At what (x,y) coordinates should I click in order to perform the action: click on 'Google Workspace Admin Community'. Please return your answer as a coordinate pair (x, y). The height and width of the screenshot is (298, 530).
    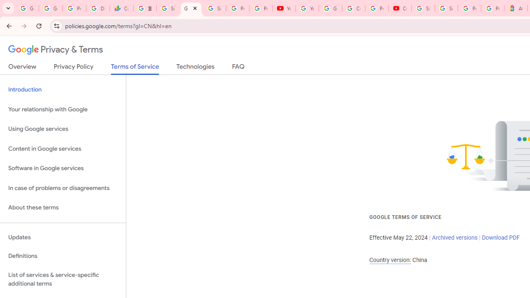
    Looking at the image, I should click on (27, 8).